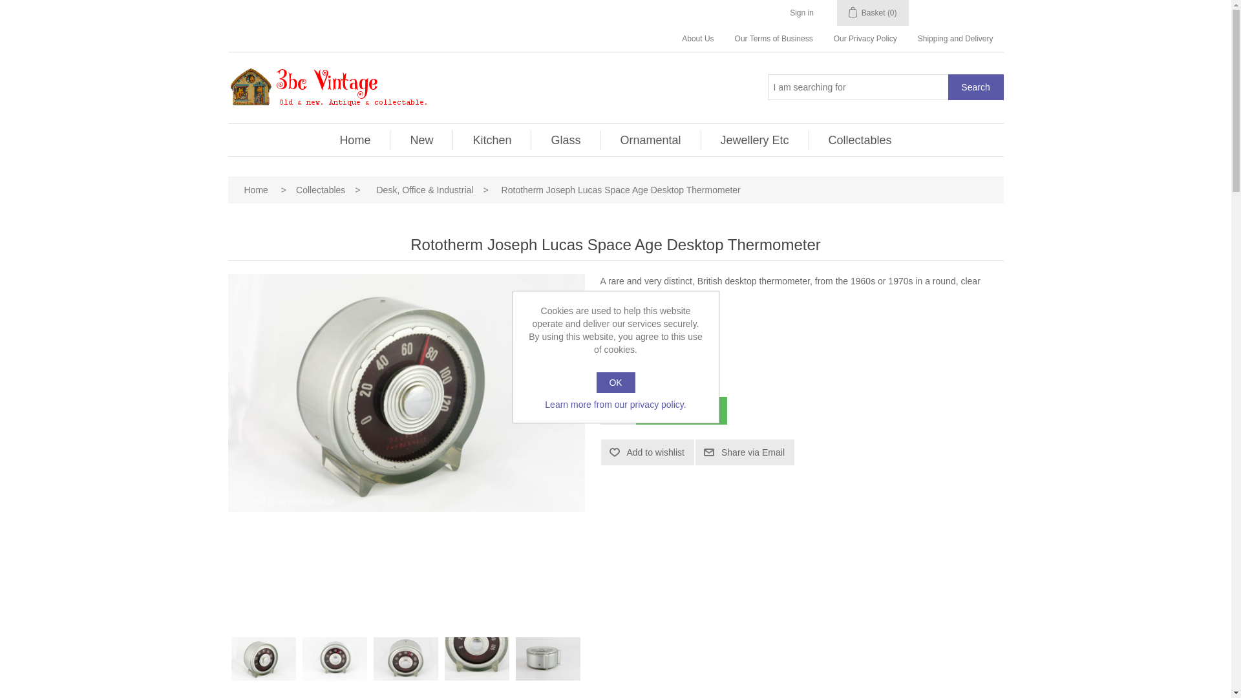  What do you see at coordinates (955, 38) in the screenshot?
I see `'Shipping and Delivery'` at bounding box center [955, 38].